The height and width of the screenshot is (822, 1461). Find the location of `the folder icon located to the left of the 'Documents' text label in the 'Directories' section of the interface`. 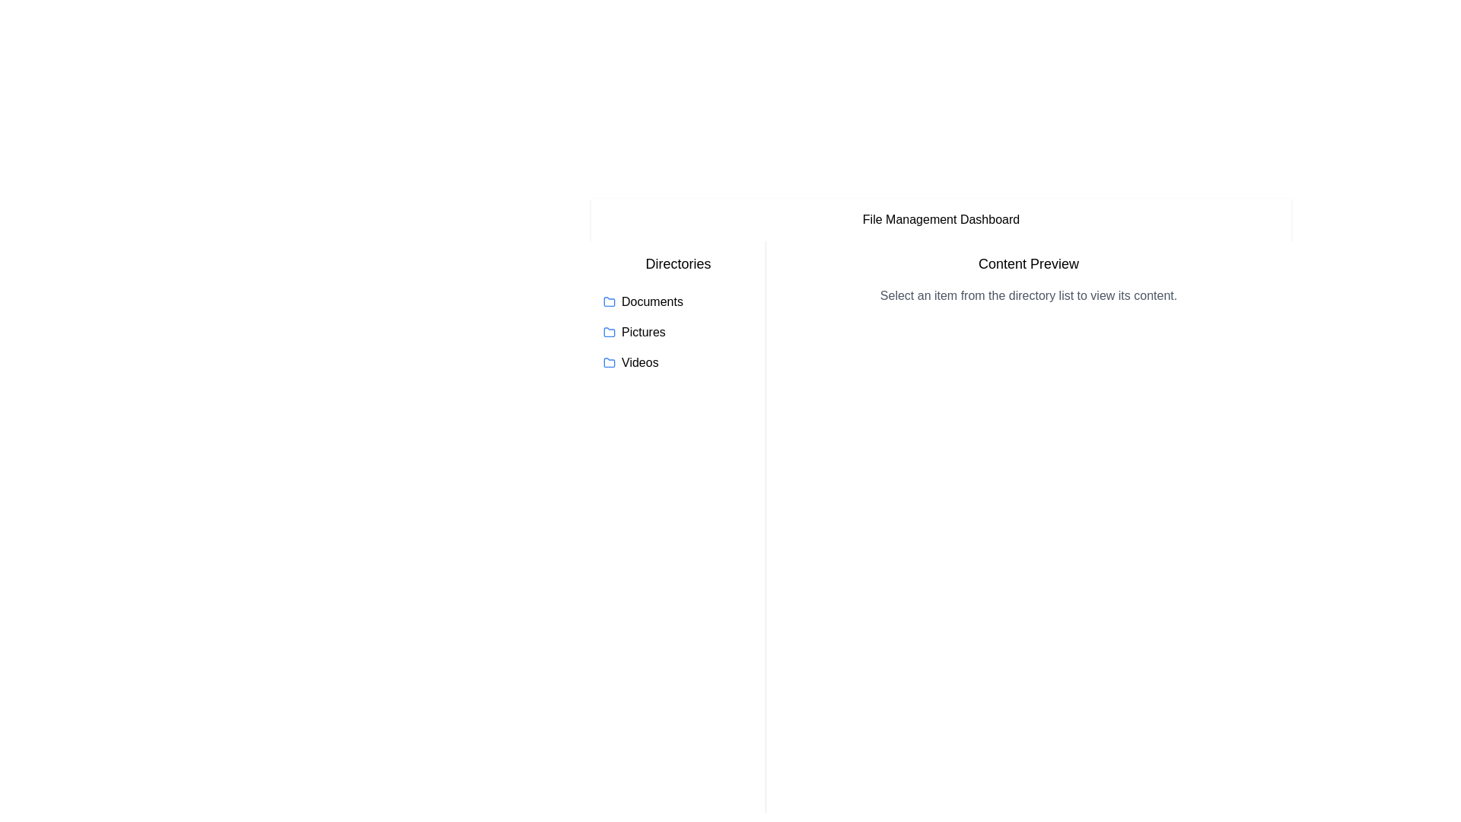

the folder icon located to the left of the 'Documents' text label in the 'Directories' section of the interface is located at coordinates (610, 302).